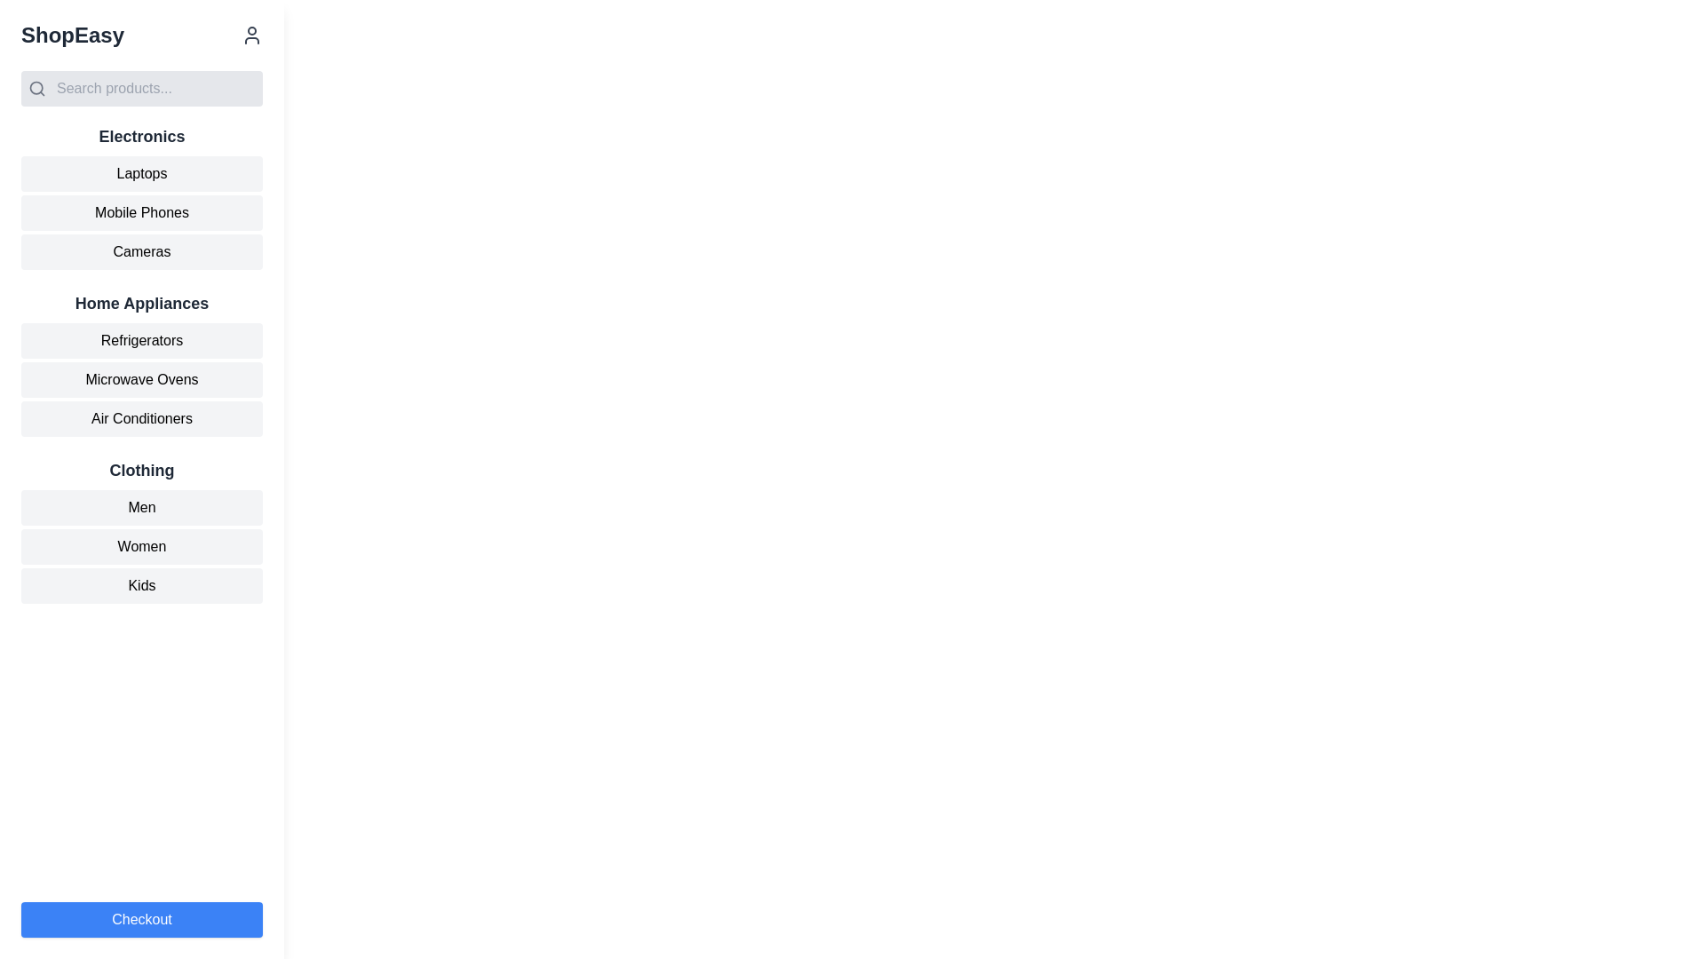 The height and width of the screenshot is (959, 1705). Describe the element at coordinates (140, 379) in the screenshot. I see `the 'Microwave Ovens' category button located in the second position under 'Home Appliances' in the left panel` at that location.